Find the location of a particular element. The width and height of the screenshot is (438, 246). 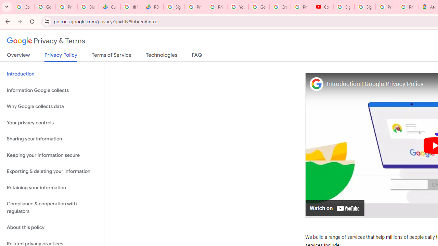

'Watch on YouTube' is located at coordinates (335, 207).